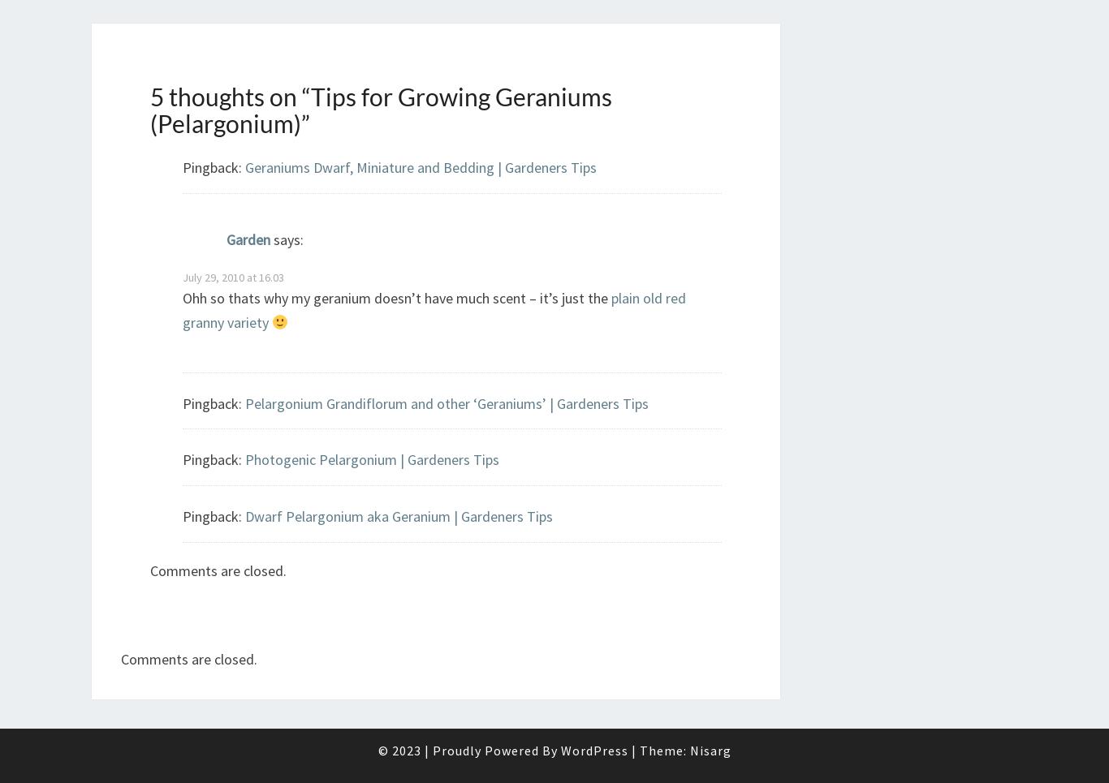 This screenshot has height=783, width=1109. I want to click on 'says:', so click(287, 239).